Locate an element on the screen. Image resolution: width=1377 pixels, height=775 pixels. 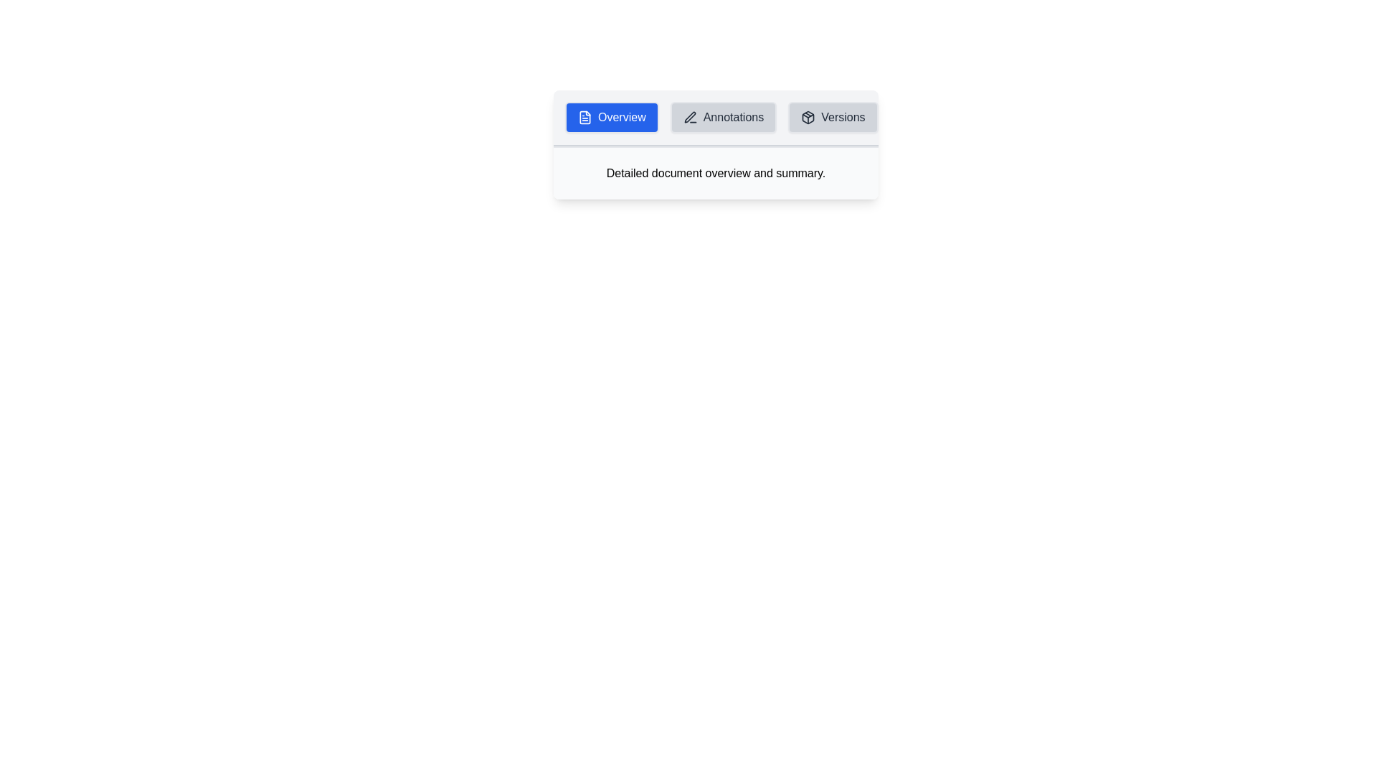
the Annotations tab to view its content is located at coordinates (723, 117).